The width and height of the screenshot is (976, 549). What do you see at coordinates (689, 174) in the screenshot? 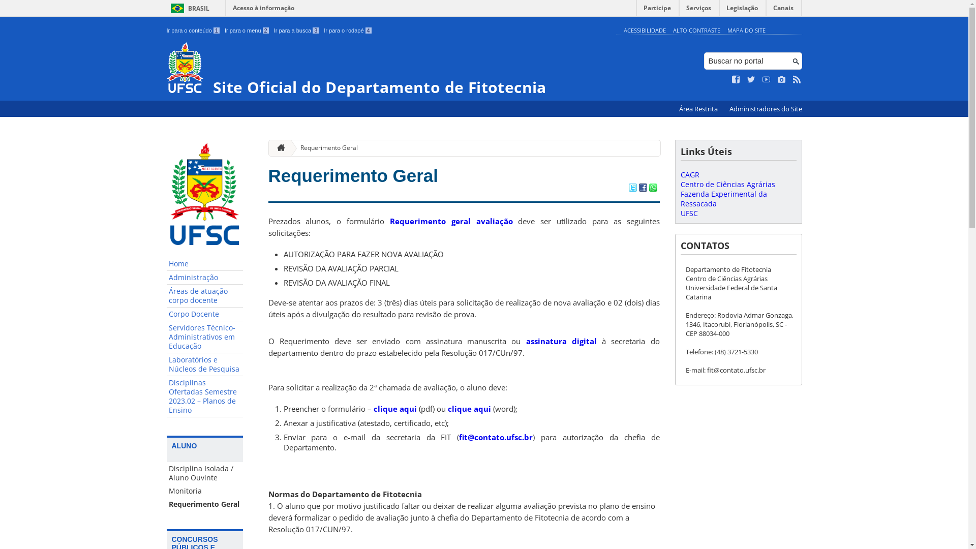
I see `'CAGR'` at bounding box center [689, 174].